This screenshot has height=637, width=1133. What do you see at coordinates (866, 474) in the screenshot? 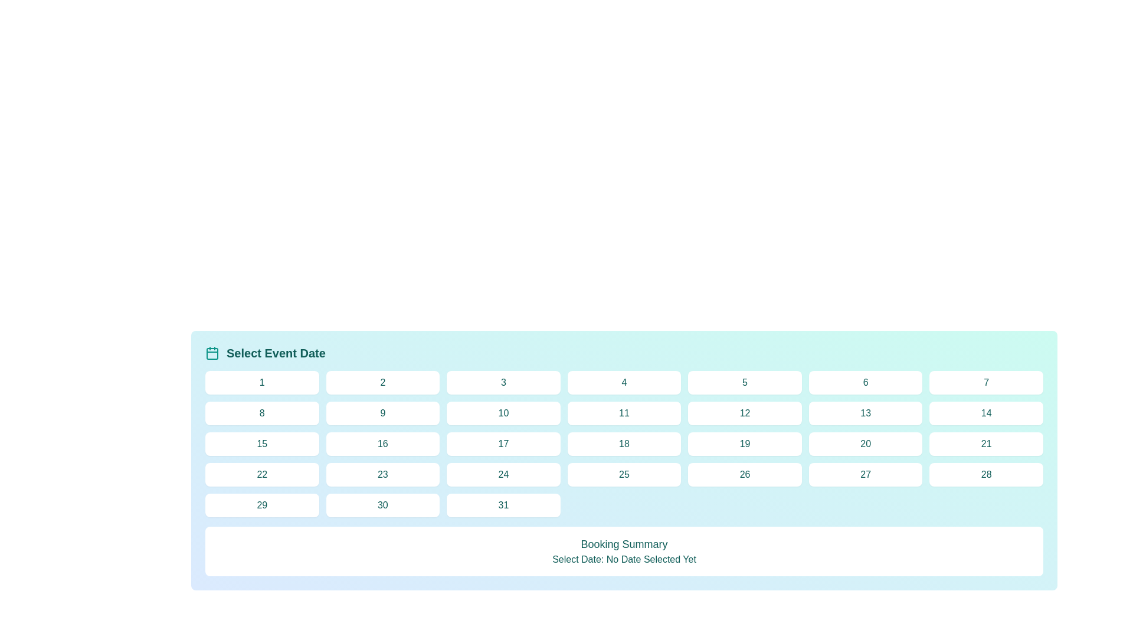
I see `the rectangular button with a white background and teal text displaying '27', located` at bounding box center [866, 474].